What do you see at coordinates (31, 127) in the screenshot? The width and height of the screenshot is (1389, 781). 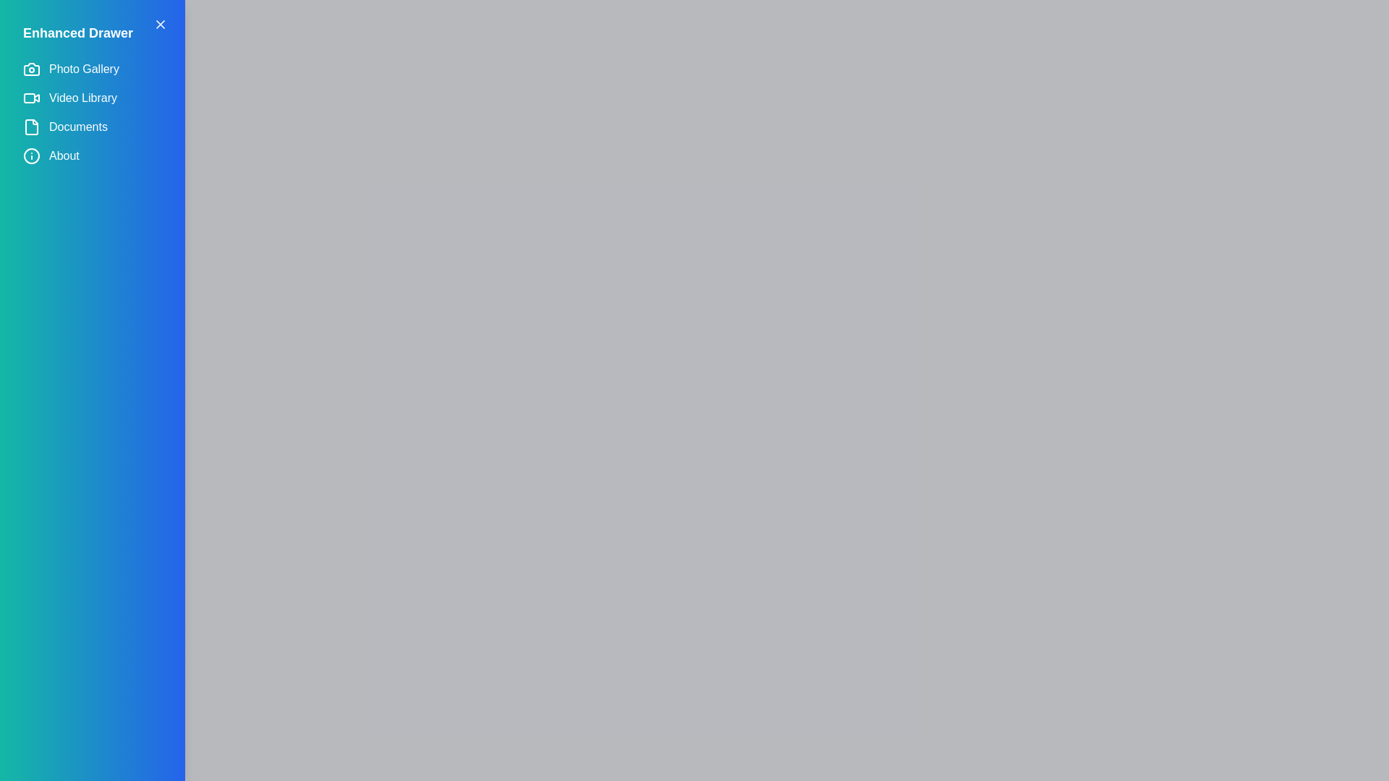 I see `the file document icon located to the left of the 'Documents' text in the 'Enhanced Drawer' menu` at bounding box center [31, 127].